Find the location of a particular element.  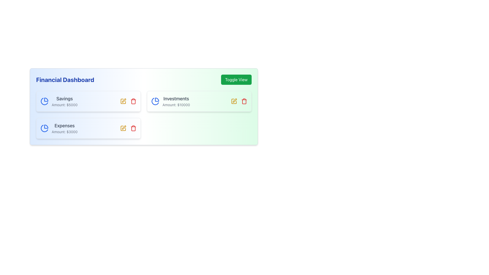

the right segment of the pie chart icon located to the left of the 'Savings' text in the first card under the 'Financial Dashboard' header is located at coordinates (46, 100).